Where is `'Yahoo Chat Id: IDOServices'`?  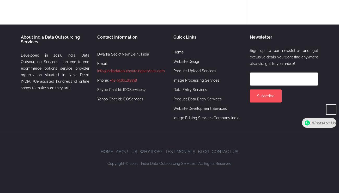 'Yahoo Chat Id: IDOServices' is located at coordinates (97, 99).